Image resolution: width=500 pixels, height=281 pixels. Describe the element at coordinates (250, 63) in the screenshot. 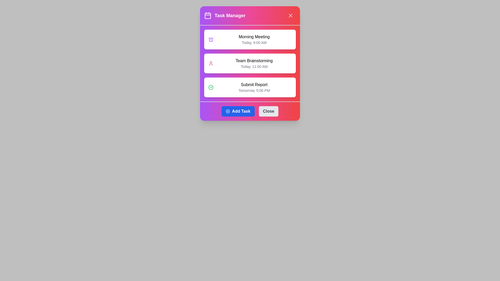

I see `the individual task card located at the center of the group of list items styled as cards for more details` at that location.